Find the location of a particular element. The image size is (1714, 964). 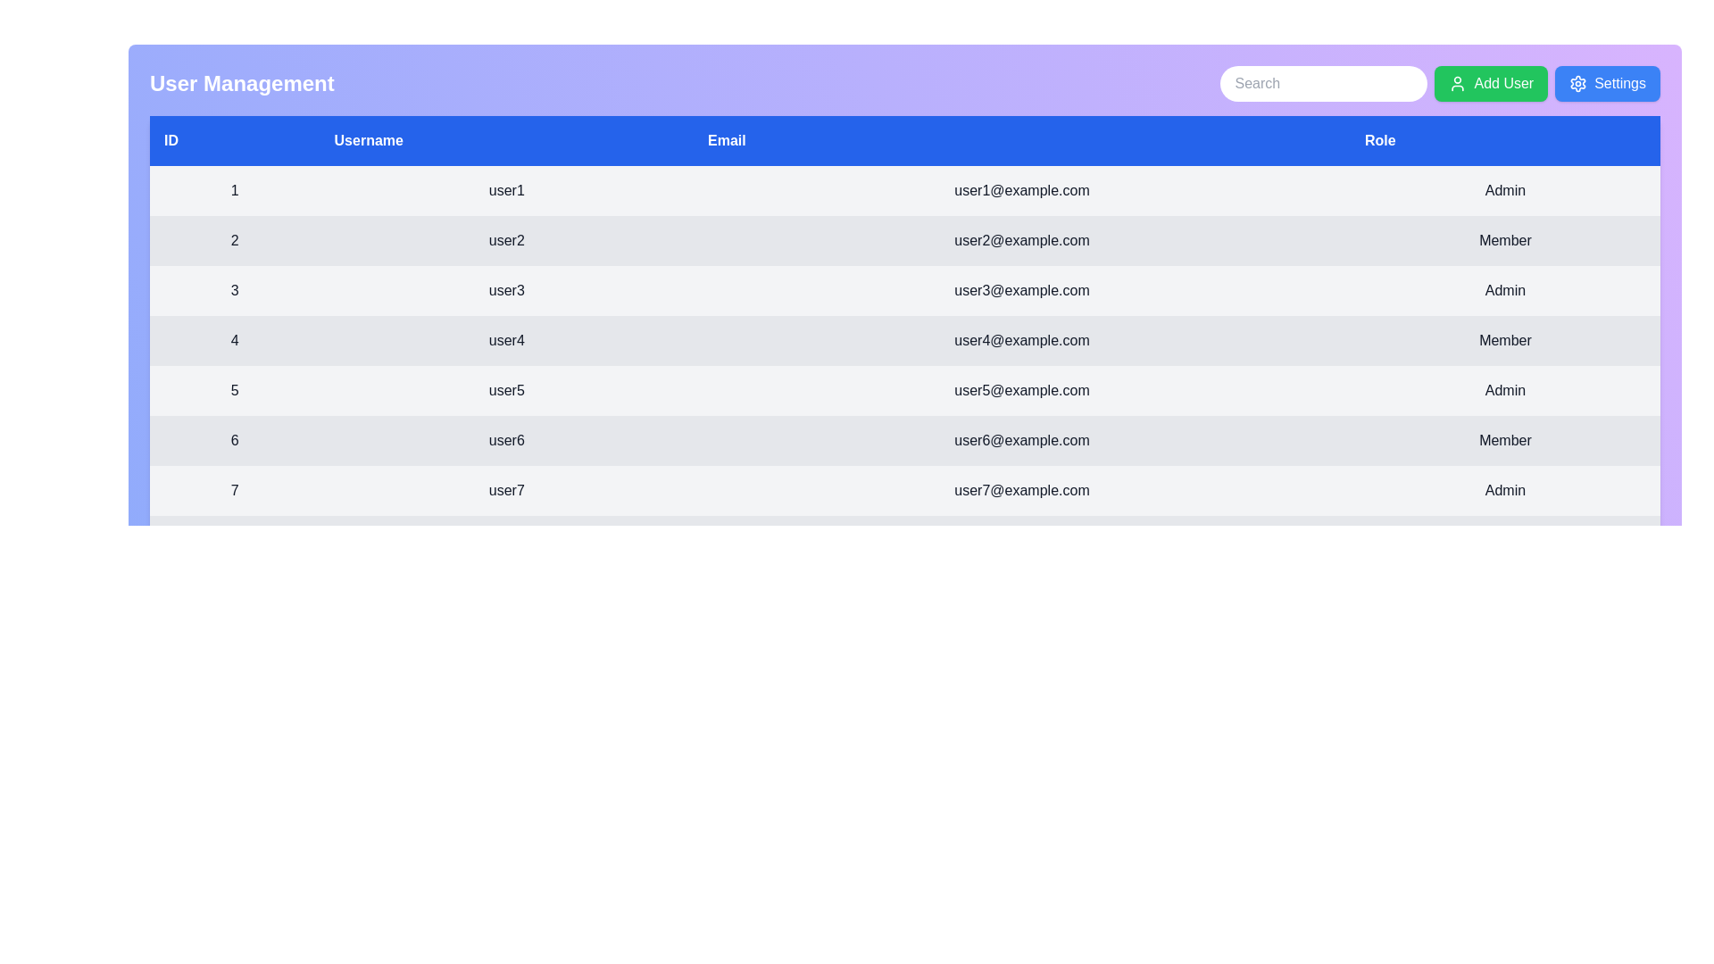

the column header to sort by ID is located at coordinates (234, 140).